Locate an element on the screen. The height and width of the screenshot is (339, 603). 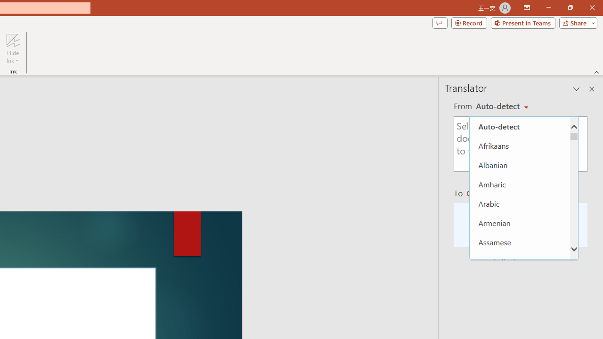
'Amharic' is located at coordinates (519, 184).